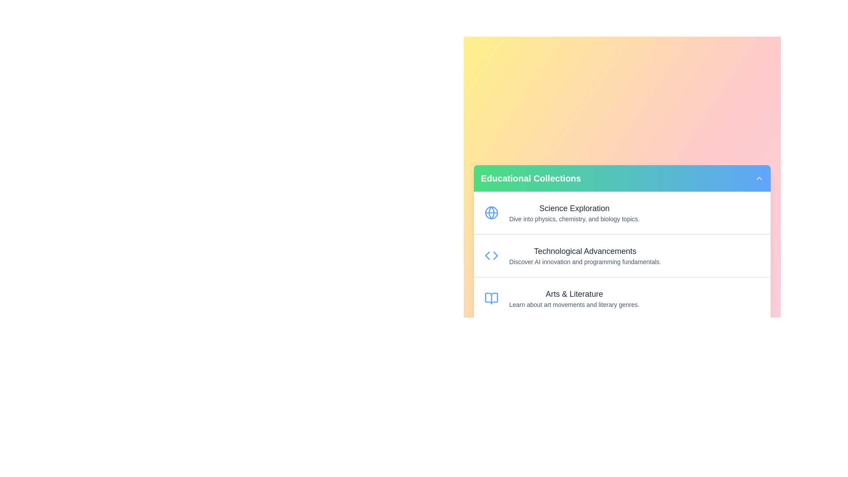  What do you see at coordinates (758, 178) in the screenshot?
I see `the toggle button to expand or collapse the menu` at bounding box center [758, 178].